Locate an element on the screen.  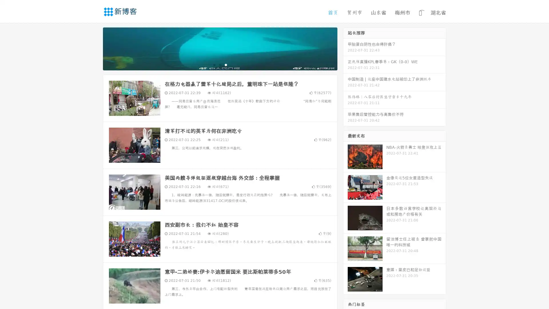
Go to slide 1 is located at coordinates (214, 64).